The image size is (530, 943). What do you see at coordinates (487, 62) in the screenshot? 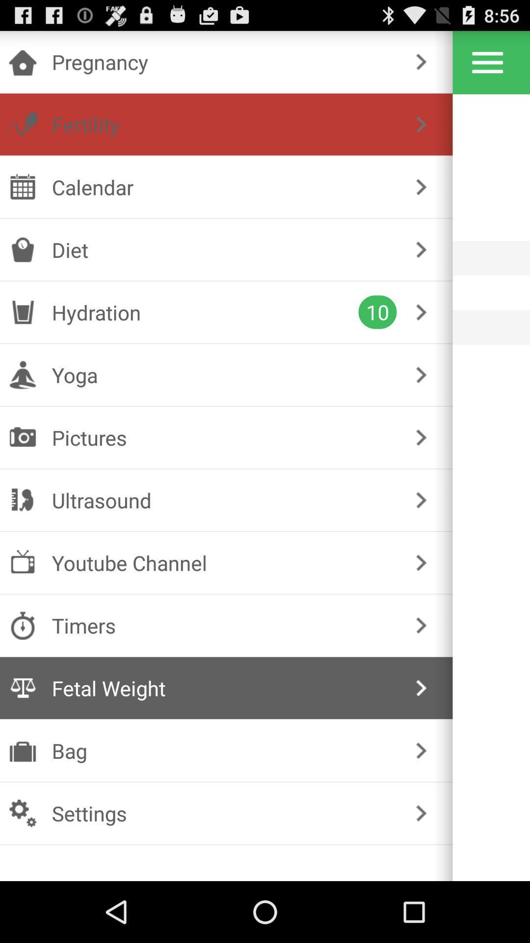
I see `menu` at bounding box center [487, 62].